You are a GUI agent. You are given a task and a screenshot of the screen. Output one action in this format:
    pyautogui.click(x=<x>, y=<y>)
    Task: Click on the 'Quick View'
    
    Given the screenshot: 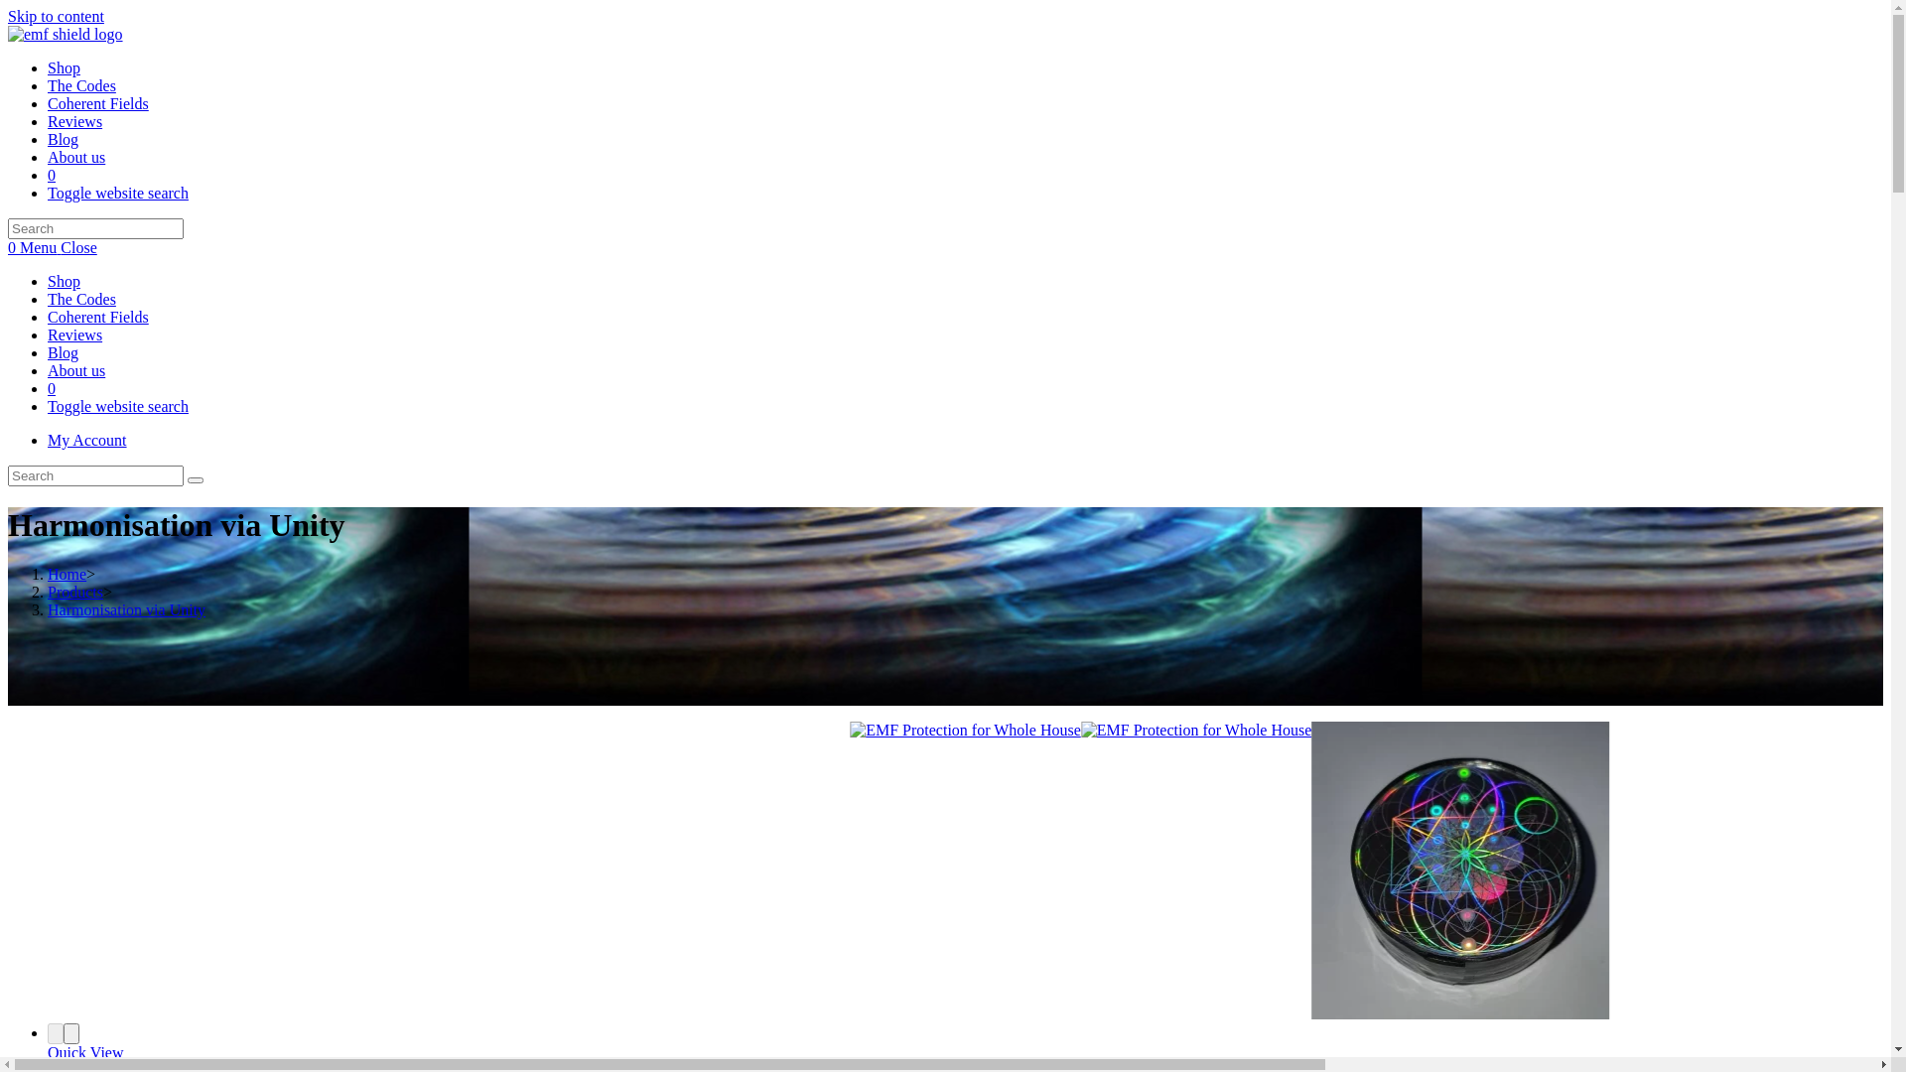 What is the action you would take?
    pyautogui.click(x=84, y=1051)
    